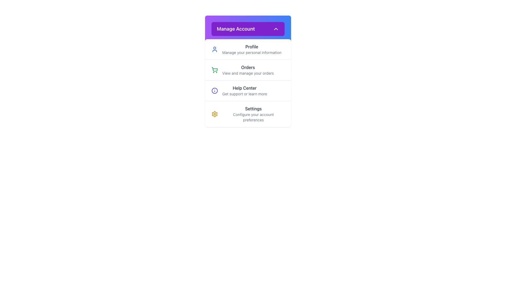 Image resolution: width=516 pixels, height=290 pixels. Describe the element at coordinates (244, 94) in the screenshot. I see `the text label that reads 'Get support or learn more', which is styled in a smaller gray font and positioned directly below the 'Help Center' heading` at that location.